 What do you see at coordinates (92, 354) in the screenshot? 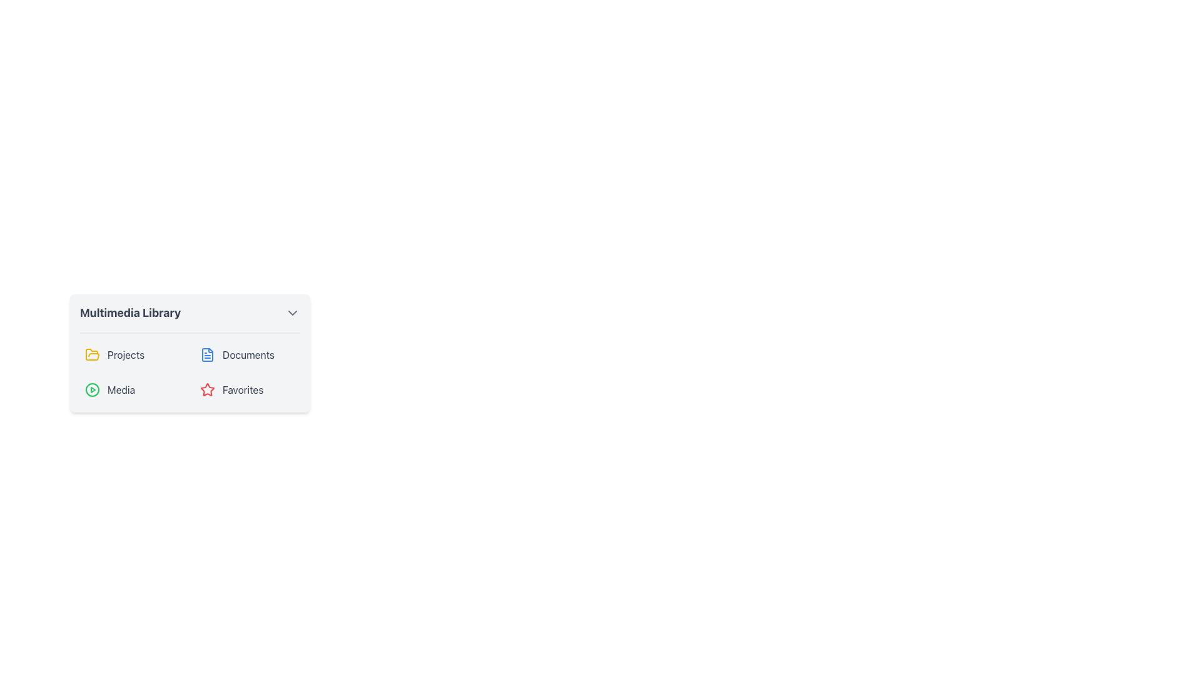
I see `the stylized yellow folder icon located in the 'Multimedia Library' section, which is the first item in the top row of icons` at bounding box center [92, 354].